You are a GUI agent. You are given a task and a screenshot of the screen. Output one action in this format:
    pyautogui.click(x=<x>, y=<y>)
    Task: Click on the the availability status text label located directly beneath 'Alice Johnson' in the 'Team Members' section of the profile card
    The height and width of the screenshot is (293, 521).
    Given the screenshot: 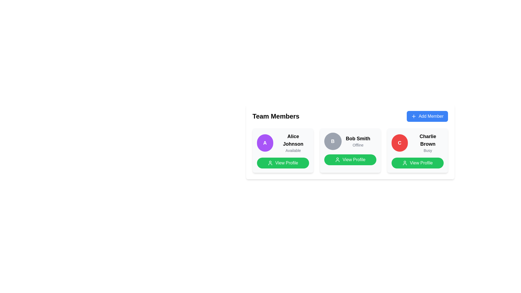 What is the action you would take?
    pyautogui.click(x=293, y=151)
    